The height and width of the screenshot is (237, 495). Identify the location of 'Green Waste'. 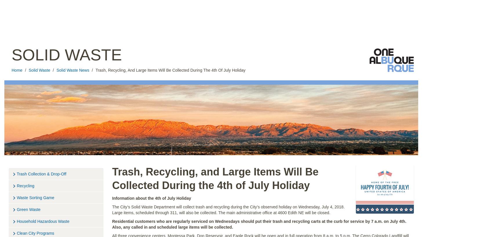
(15, 209).